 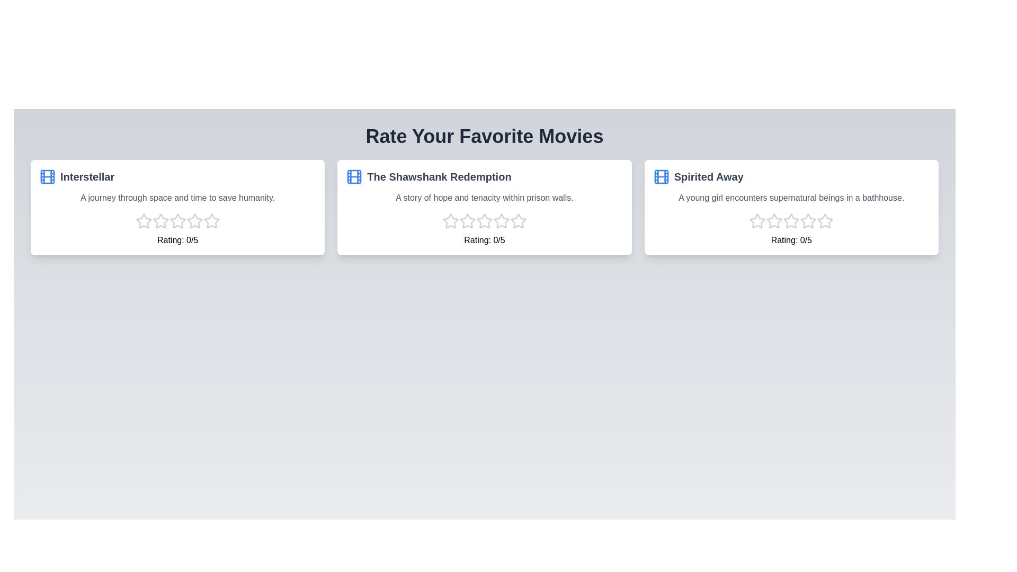 What do you see at coordinates (484, 220) in the screenshot?
I see `the star corresponding to the 3 rating for the movie The Shawshank Redemption` at bounding box center [484, 220].